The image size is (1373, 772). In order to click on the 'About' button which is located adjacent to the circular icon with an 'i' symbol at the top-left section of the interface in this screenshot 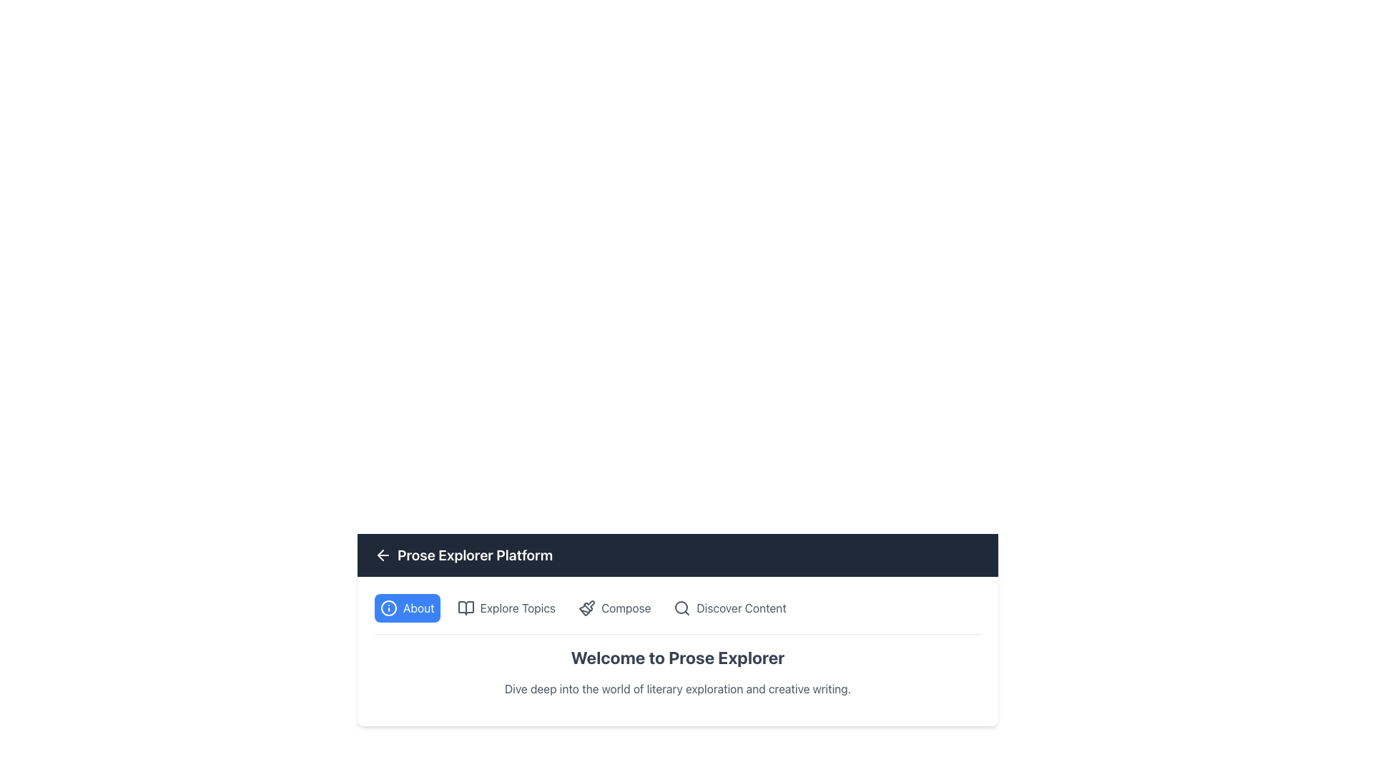, I will do `click(418, 608)`.